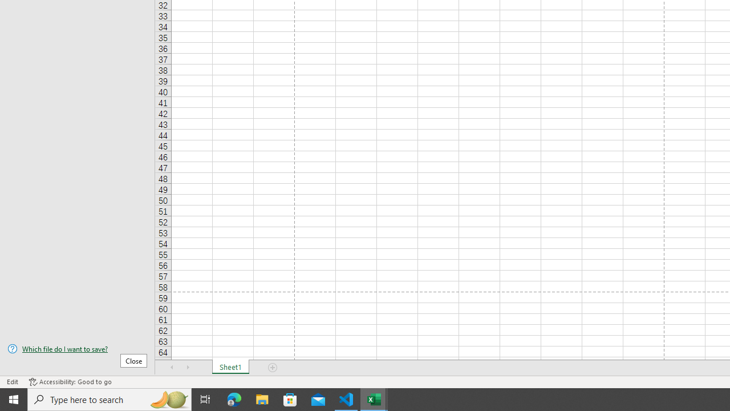 This screenshot has width=730, height=411. Describe the element at coordinates (109, 398) in the screenshot. I see `'Type here to search'` at that location.